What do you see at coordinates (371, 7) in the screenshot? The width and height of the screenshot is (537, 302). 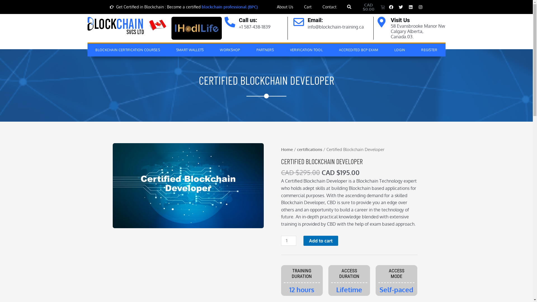 I see `'CAD $0.00` at bounding box center [371, 7].